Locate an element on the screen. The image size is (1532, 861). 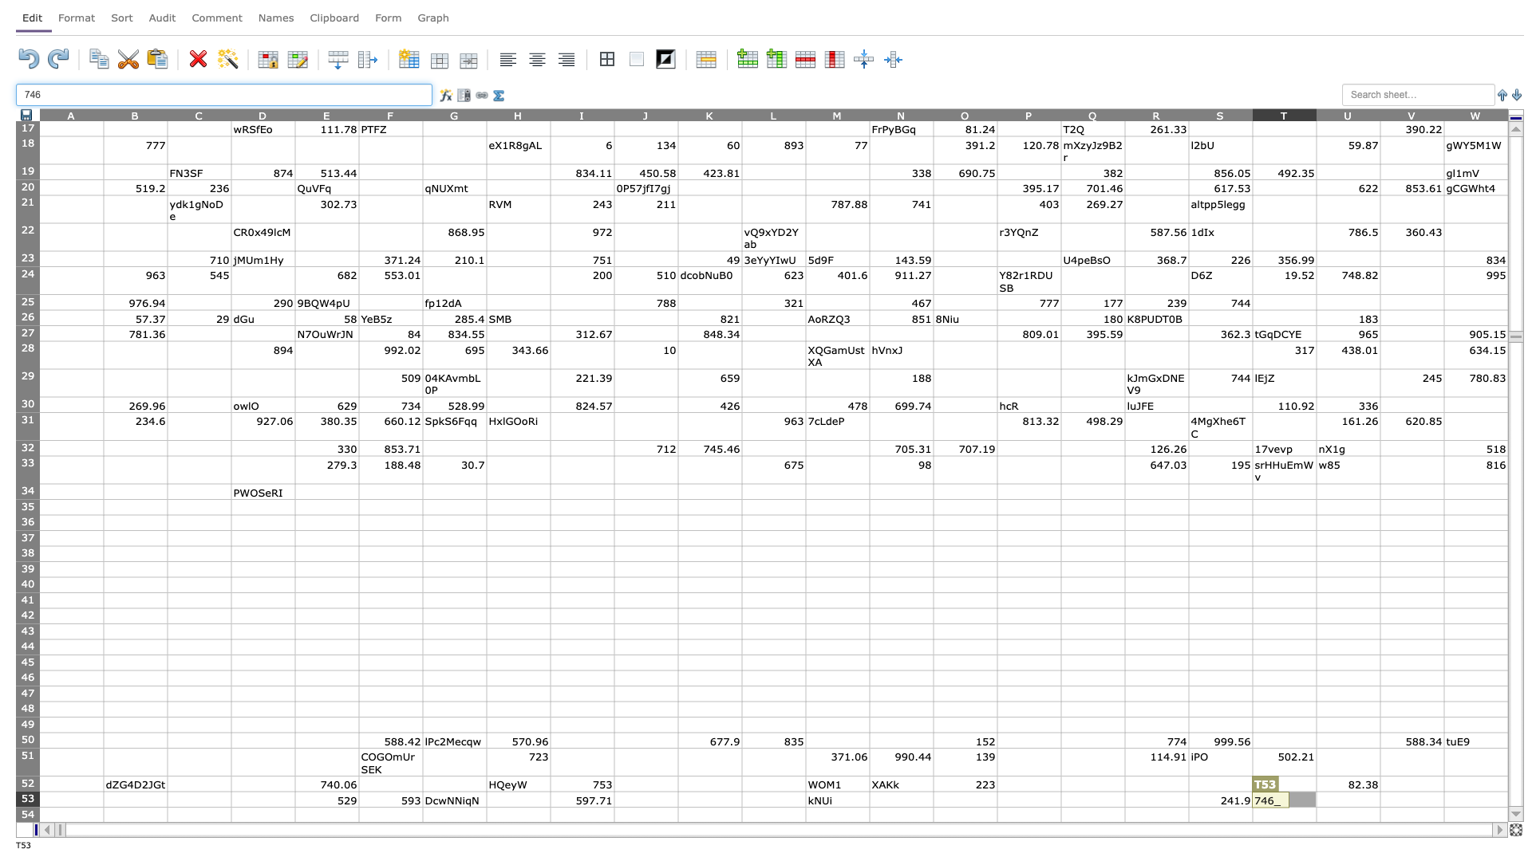
Northwest corner of cell V53 is located at coordinates (1379, 791).